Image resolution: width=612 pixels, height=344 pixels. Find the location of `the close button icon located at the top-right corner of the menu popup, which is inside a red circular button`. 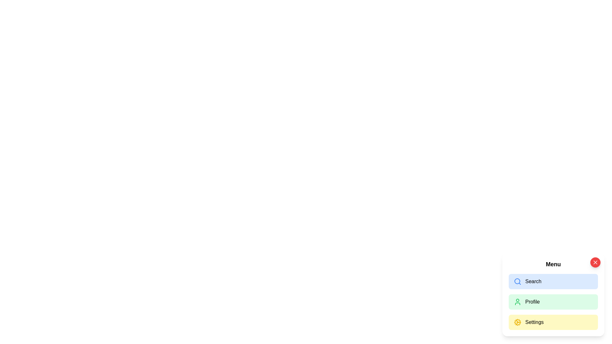

the close button icon located at the top-right corner of the menu popup, which is inside a red circular button is located at coordinates (595, 262).